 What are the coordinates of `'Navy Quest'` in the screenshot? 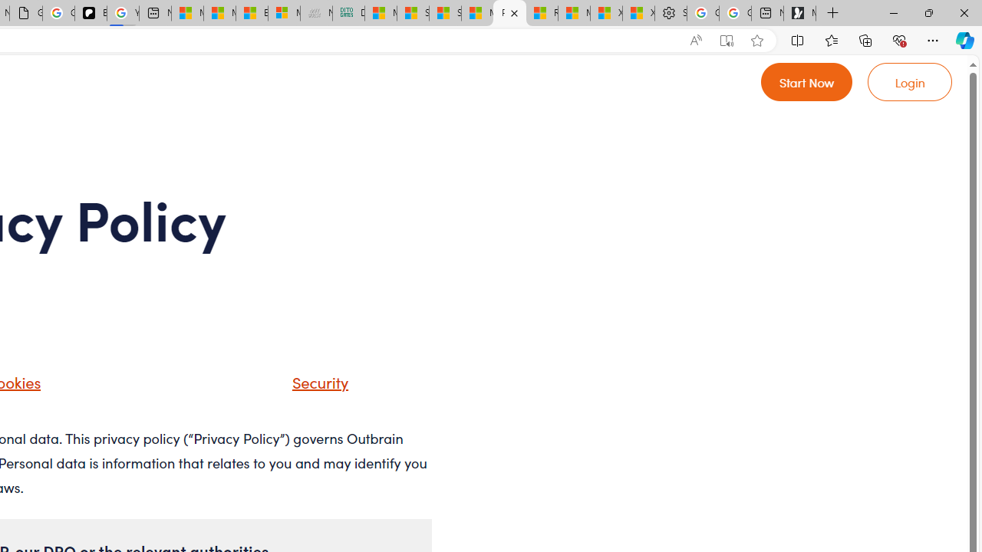 It's located at (315, 13).